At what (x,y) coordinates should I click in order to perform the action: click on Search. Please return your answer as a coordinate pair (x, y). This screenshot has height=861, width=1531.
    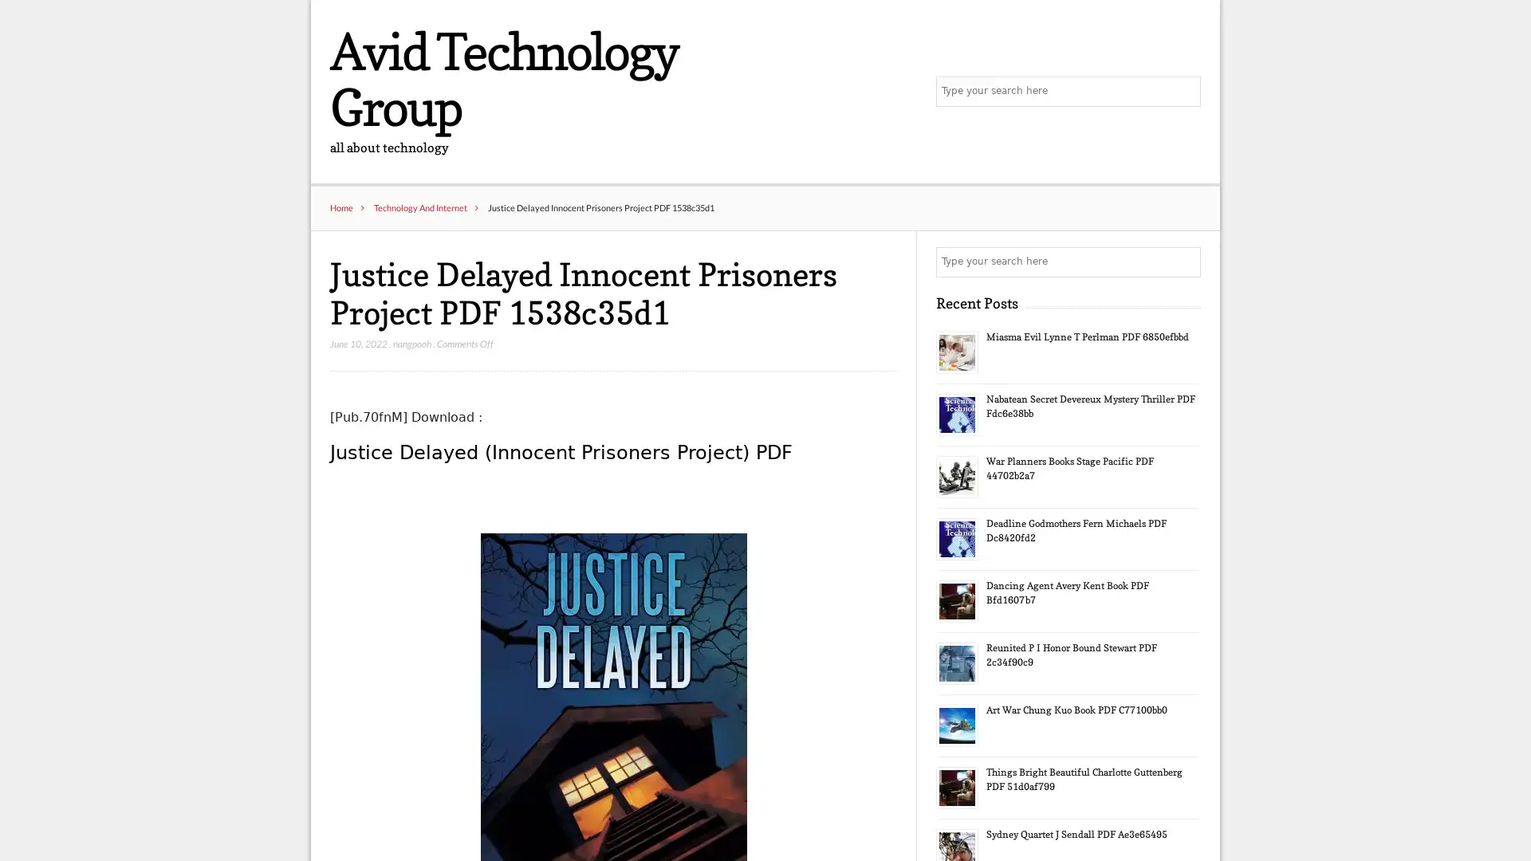
    Looking at the image, I should click on (1184, 92).